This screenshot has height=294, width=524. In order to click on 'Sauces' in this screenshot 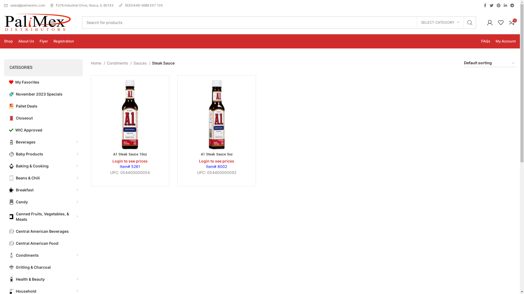, I will do `click(141, 63)`.